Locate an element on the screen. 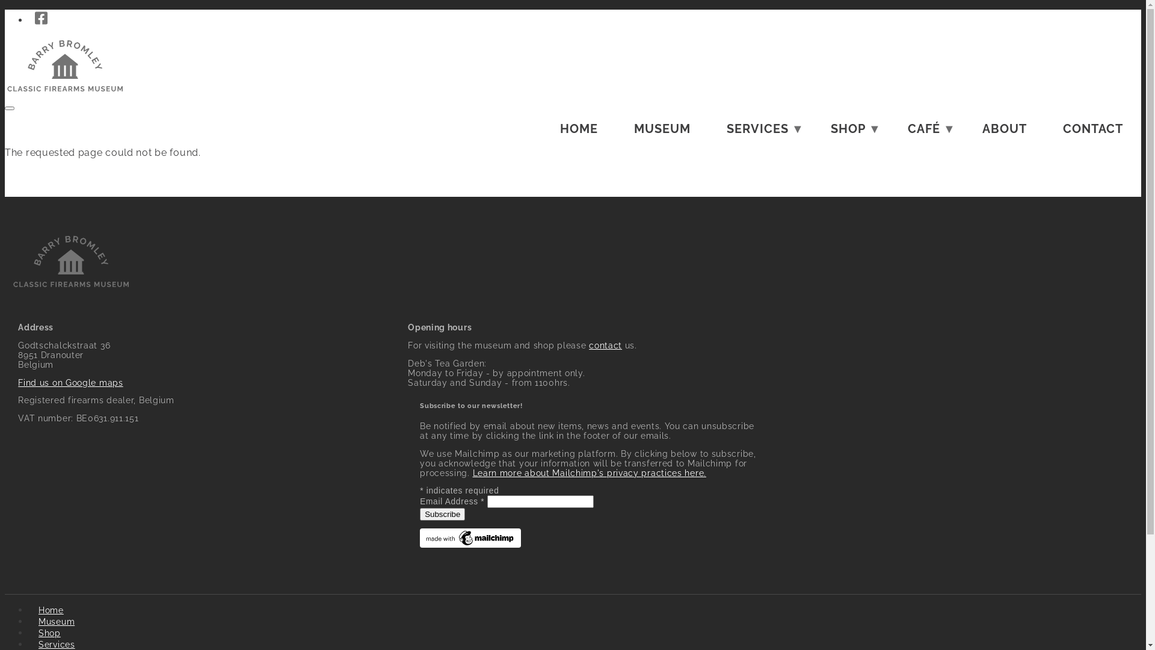  'Find us on Google maps' is located at coordinates (69, 383).